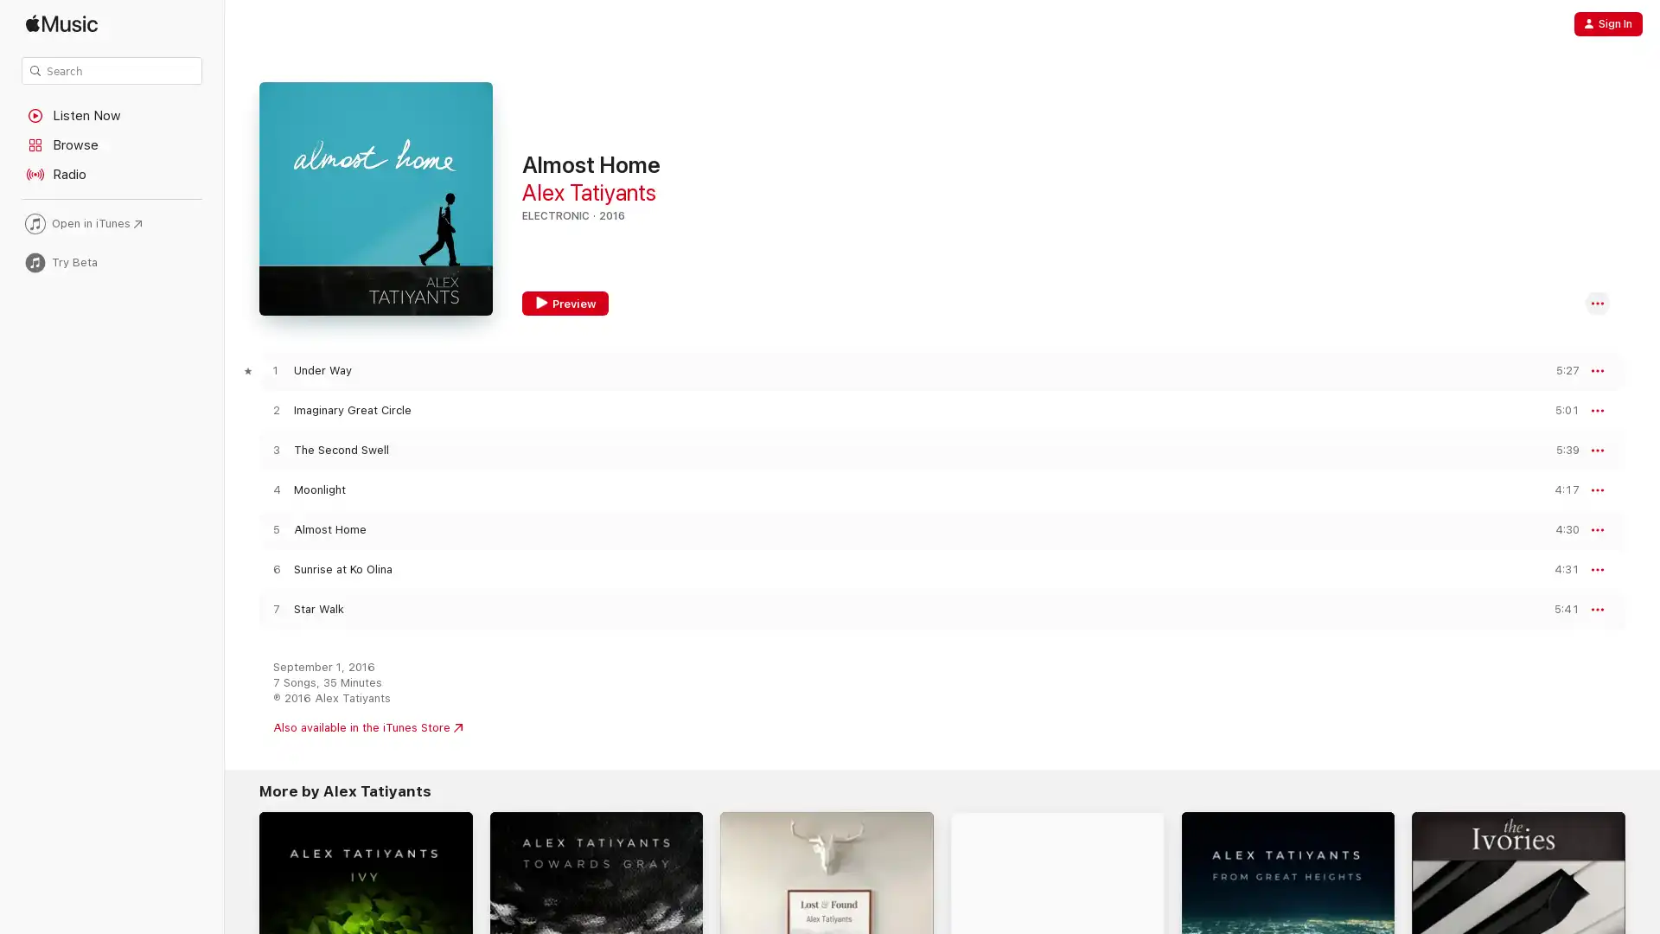  I want to click on Preview, so click(1560, 489).